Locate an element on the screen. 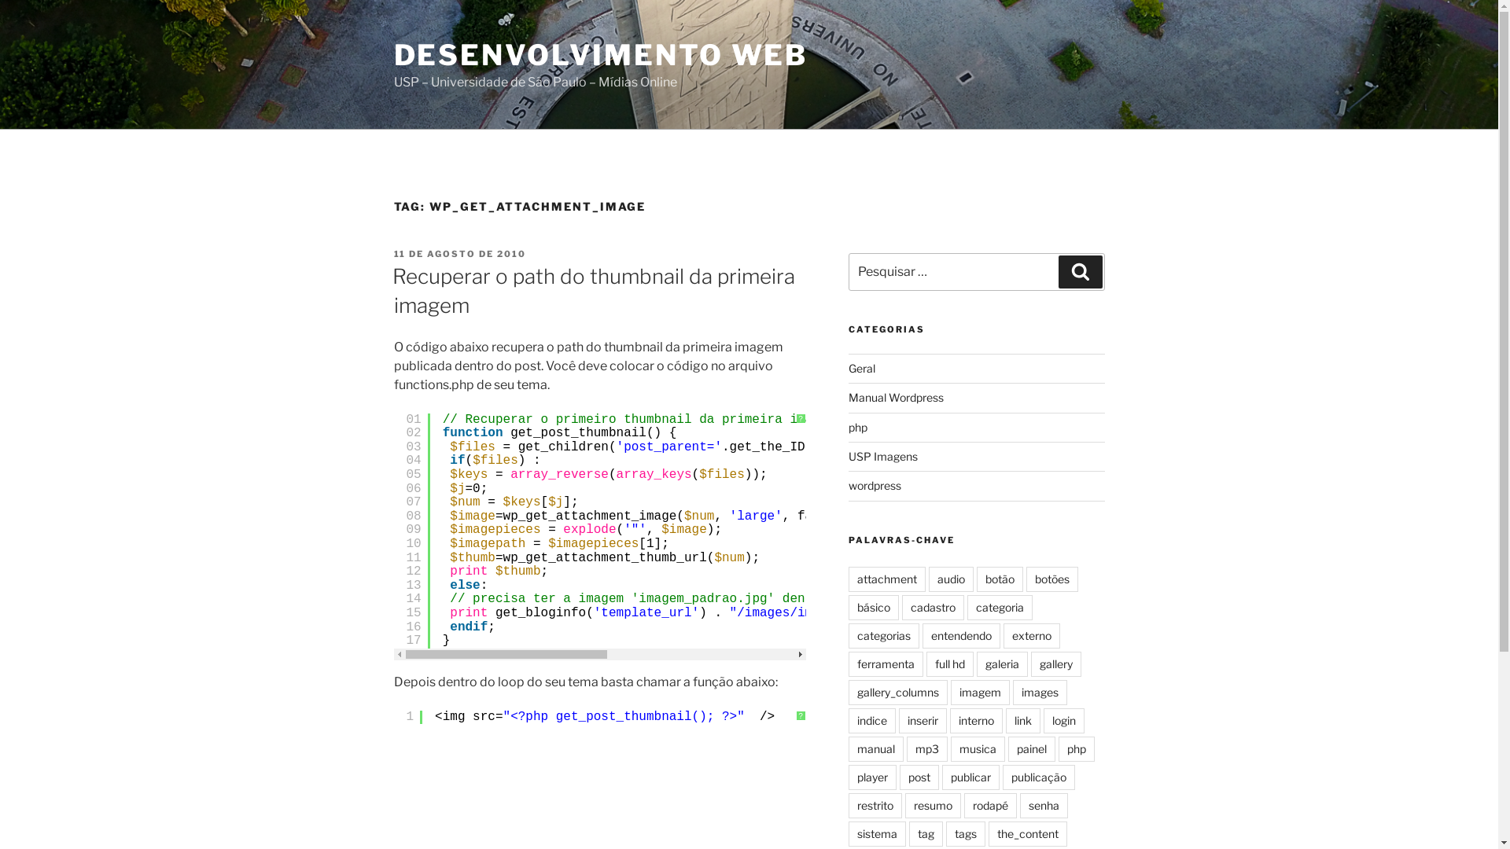 The height and width of the screenshot is (849, 1510). 'full hd' is located at coordinates (949, 663).